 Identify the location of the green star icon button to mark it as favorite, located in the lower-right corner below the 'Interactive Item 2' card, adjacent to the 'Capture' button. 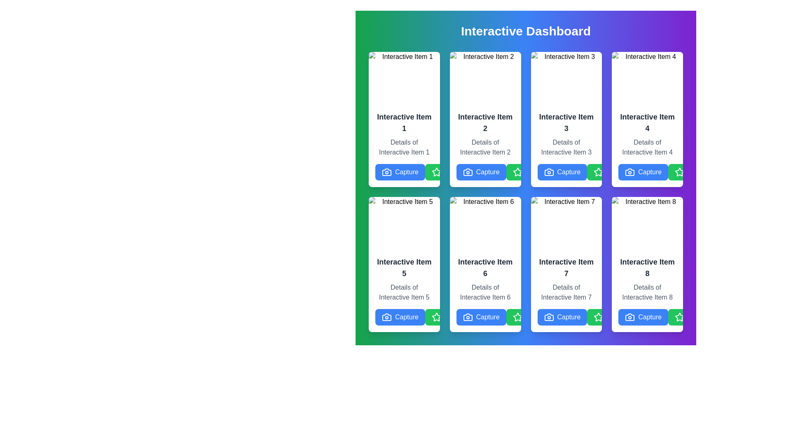
(436, 171).